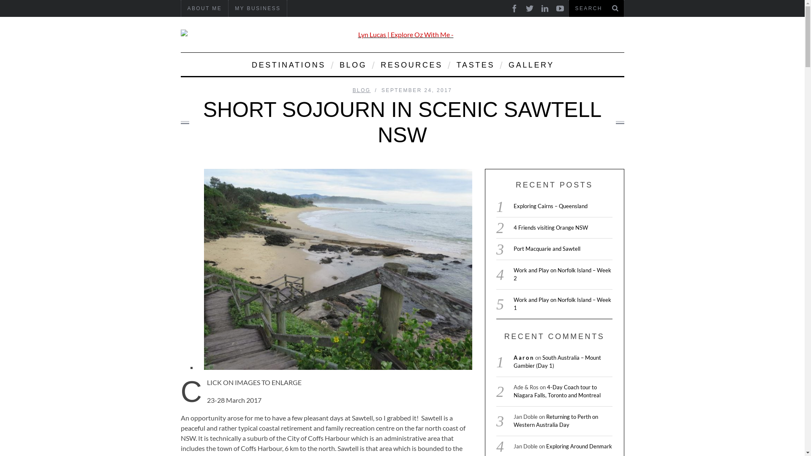 Image resolution: width=811 pixels, height=456 pixels. What do you see at coordinates (229, 8) in the screenshot?
I see `'MY BUSINESS'` at bounding box center [229, 8].